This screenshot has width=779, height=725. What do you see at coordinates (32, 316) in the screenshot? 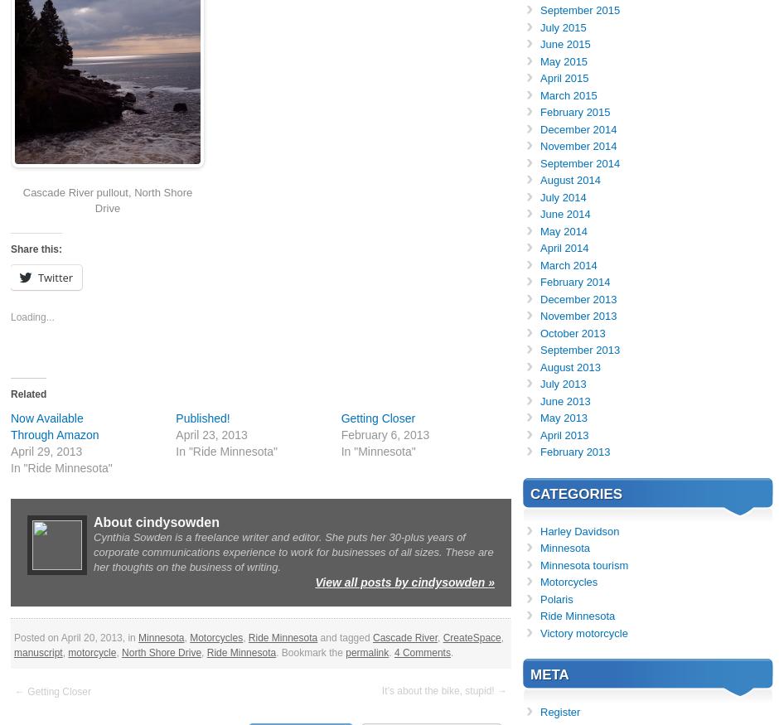
I see `'Loading...'` at bounding box center [32, 316].